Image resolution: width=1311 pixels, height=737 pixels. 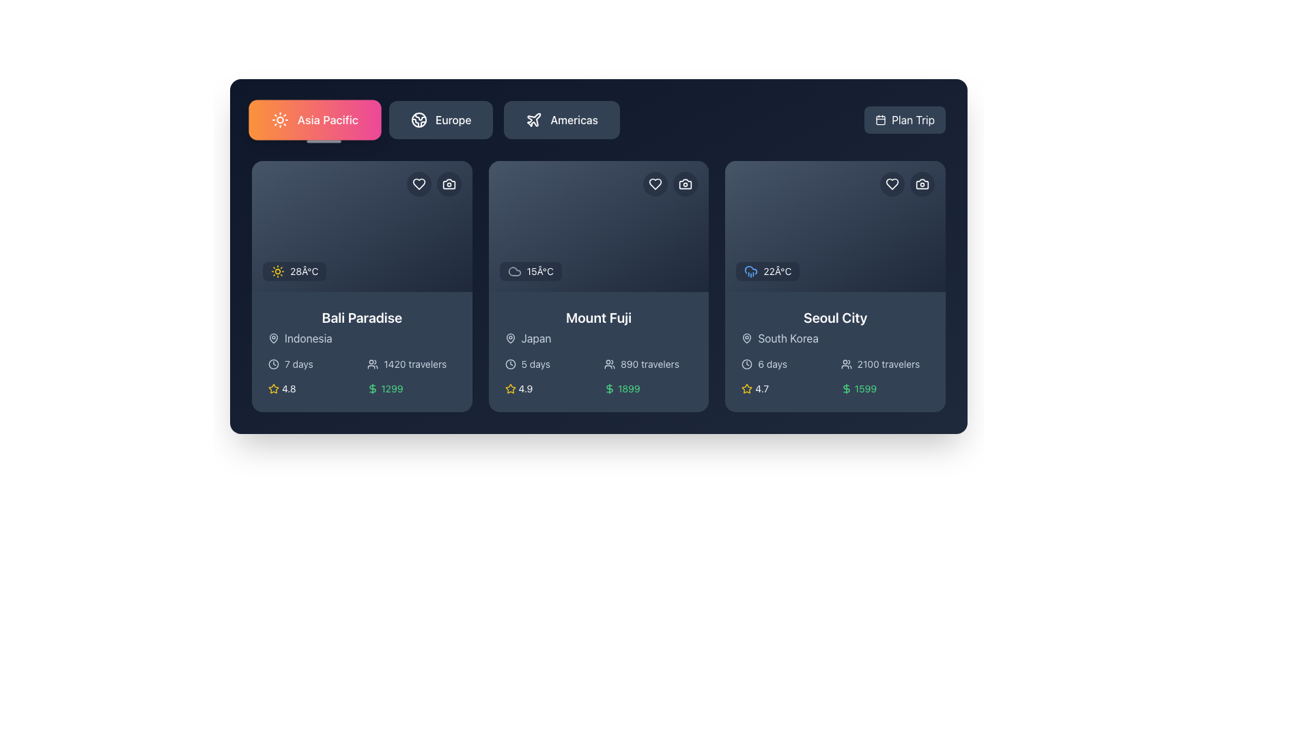 What do you see at coordinates (441, 119) in the screenshot?
I see `the 'Europe' button, which is the second button in a horizontal list of three buttons at the top of the interface, featuring a dark blue background, rounded corners, a globe icon, and a white font label` at bounding box center [441, 119].